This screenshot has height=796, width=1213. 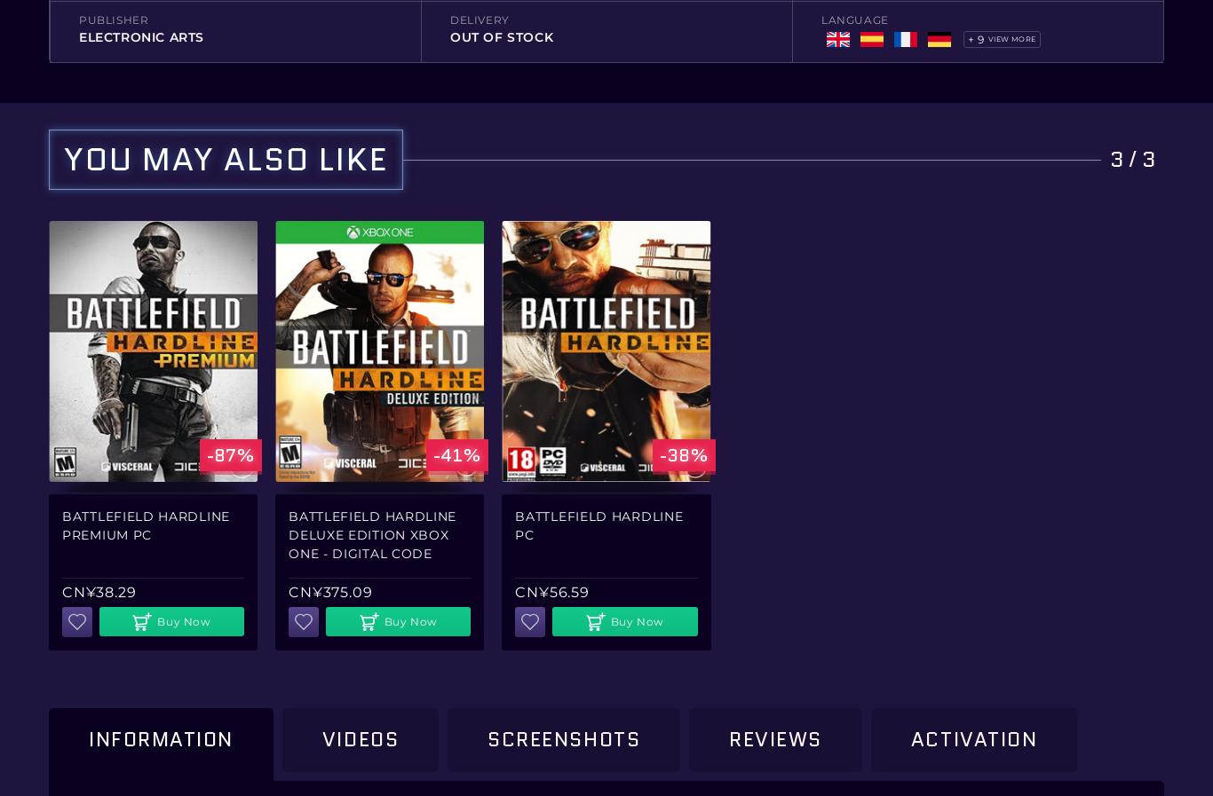 What do you see at coordinates (727, 738) in the screenshot?
I see `'Reviews'` at bounding box center [727, 738].